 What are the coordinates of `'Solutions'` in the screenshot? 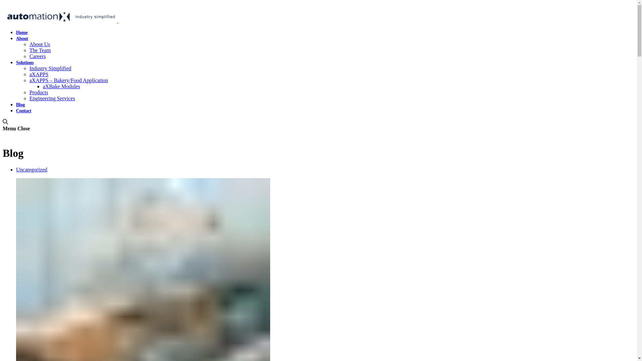 It's located at (16, 63).